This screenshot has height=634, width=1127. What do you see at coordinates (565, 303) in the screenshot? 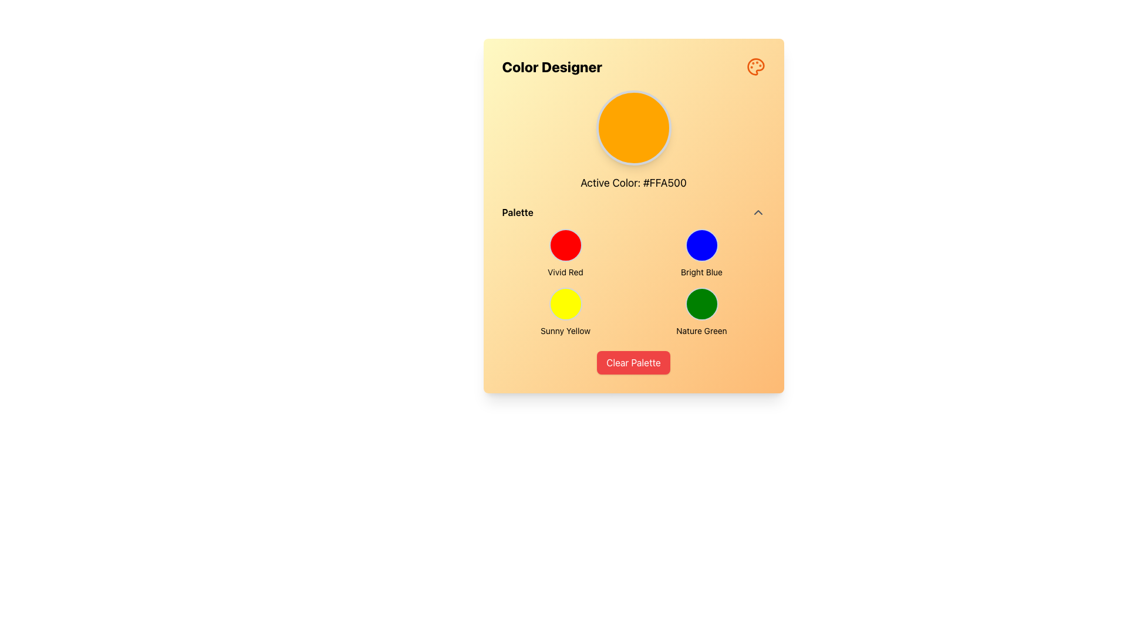
I see `the 'Sunny Yellow' color selection button in the palette section` at bounding box center [565, 303].